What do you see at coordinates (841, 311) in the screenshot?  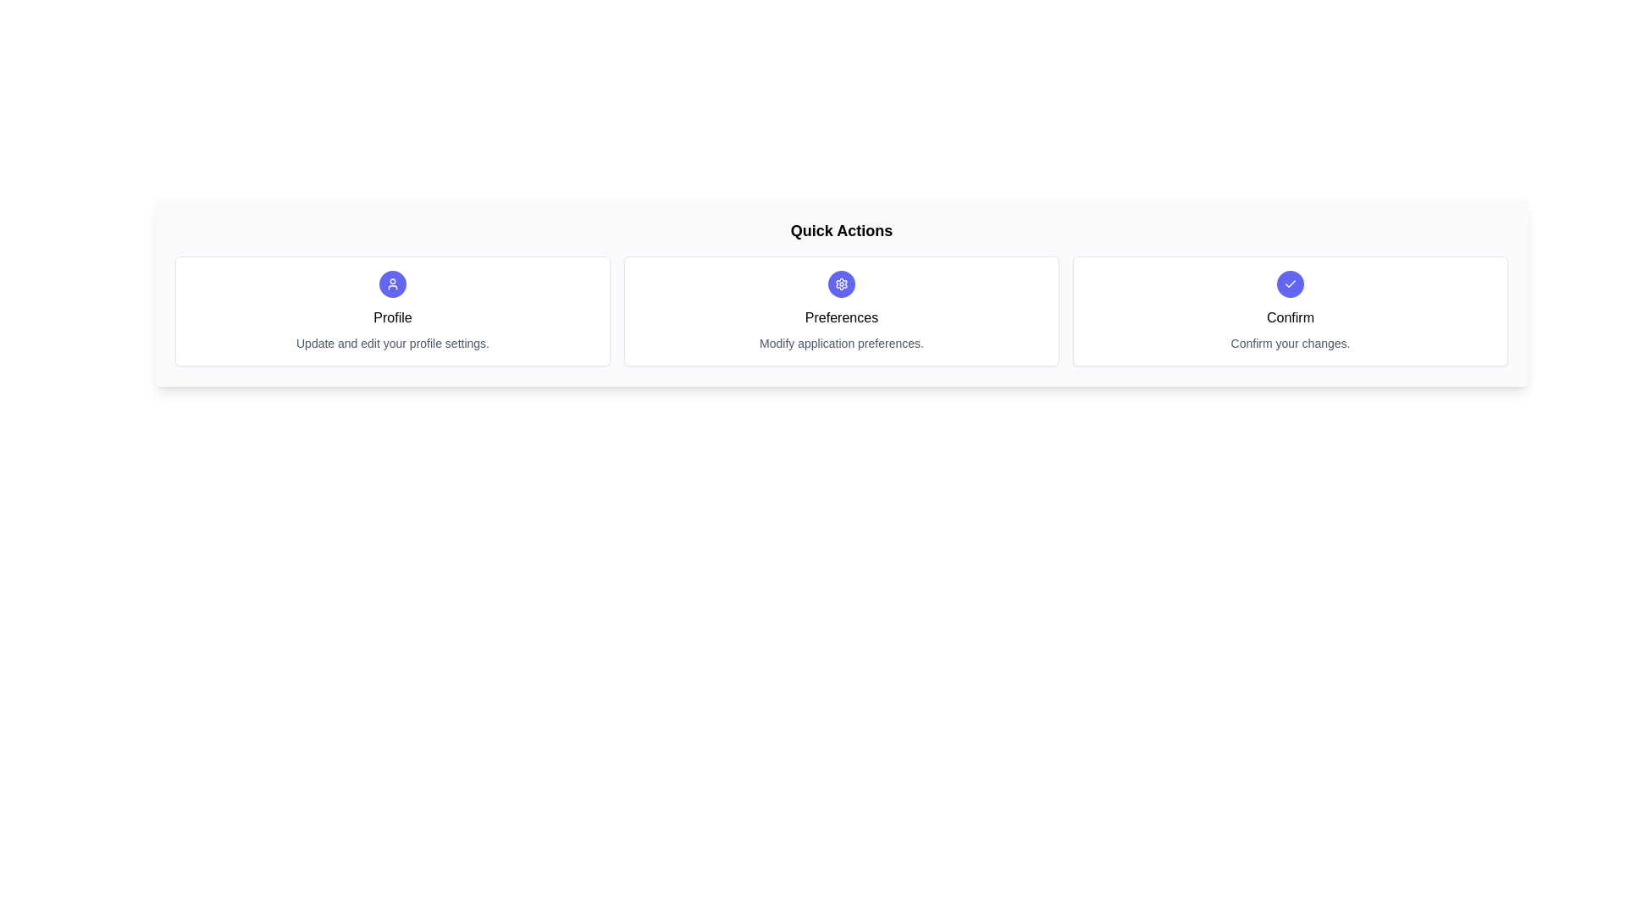 I see `the chip labeled Preferences to observe its hover effect` at bounding box center [841, 311].